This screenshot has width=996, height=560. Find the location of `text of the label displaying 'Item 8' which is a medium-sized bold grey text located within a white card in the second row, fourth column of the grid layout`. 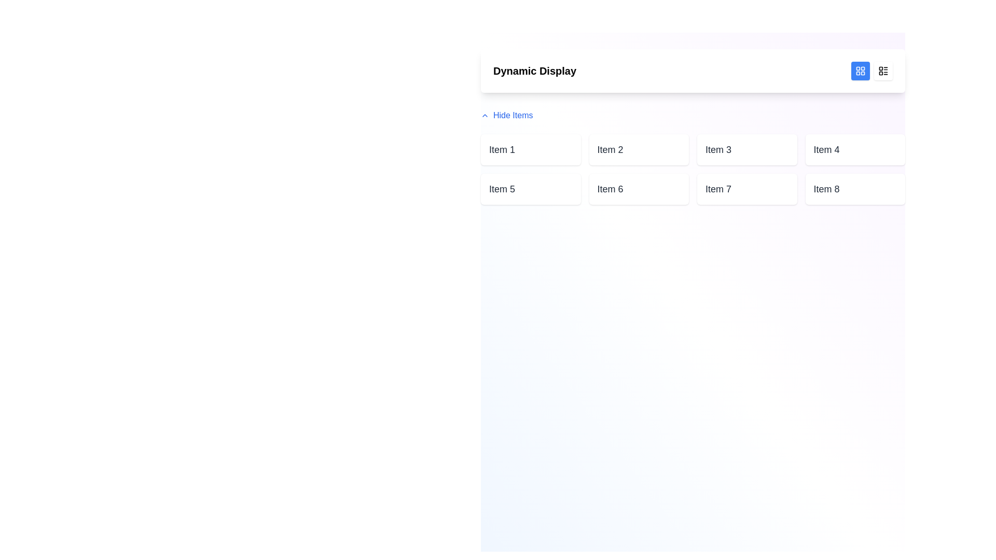

text of the label displaying 'Item 8' which is a medium-sized bold grey text located within a white card in the second row, fourth column of the grid layout is located at coordinates (826, 189).